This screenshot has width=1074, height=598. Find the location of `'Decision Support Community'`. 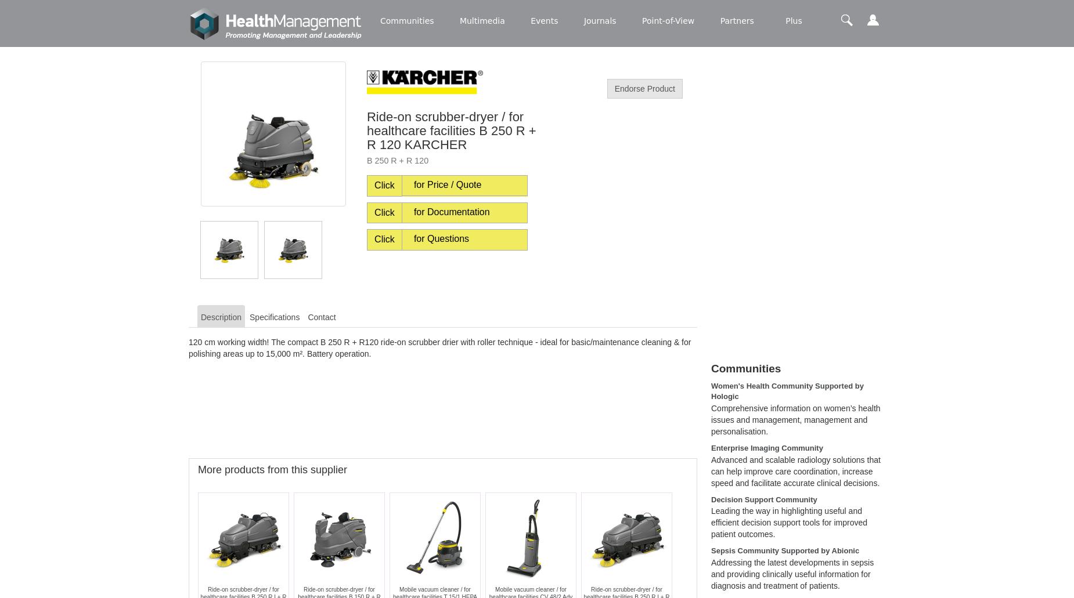

'Decision Support Community' is located at coordinates (763, 499).